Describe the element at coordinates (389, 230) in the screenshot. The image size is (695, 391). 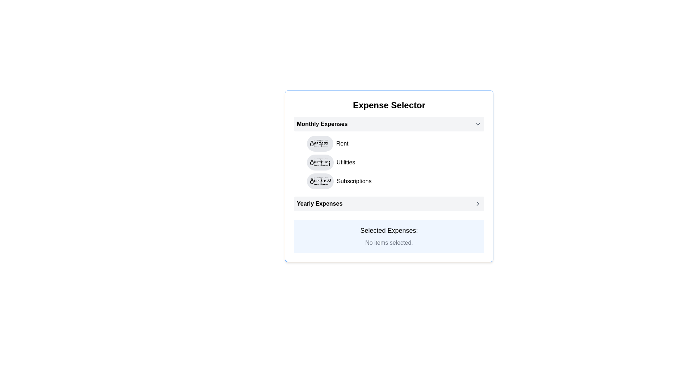
I see `the Text Label that acts as a header for the section displaying information about selected expenses, located in the lower portion of the layout above the text 'No items selected.'` at that location.